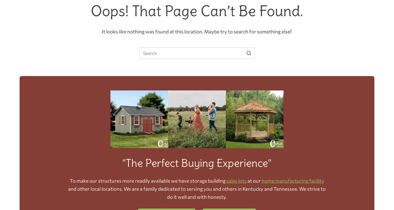  I want to click on '270-726-7948', so click(213, 77).